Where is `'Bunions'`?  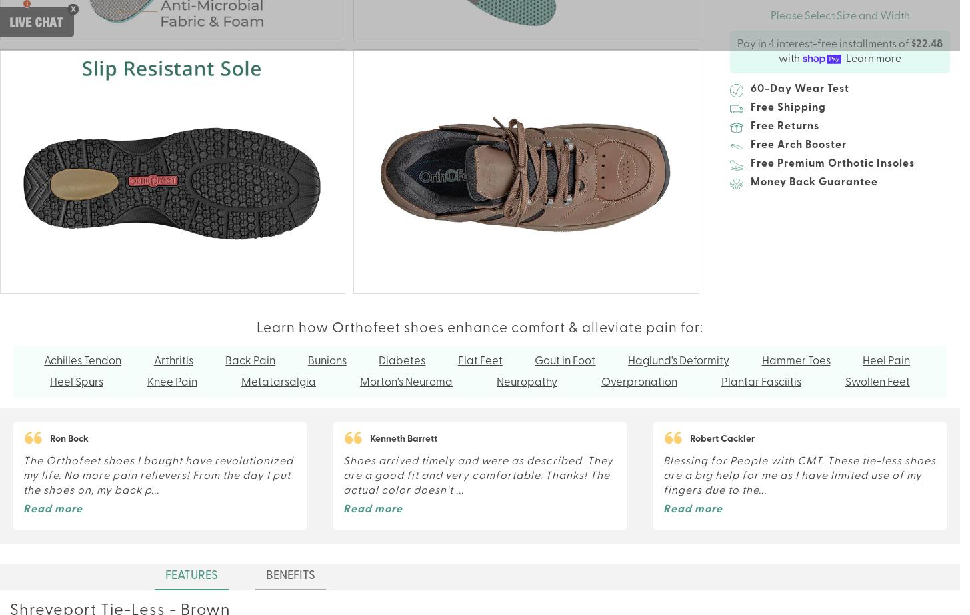 'Bunions' is located at coordinates (327, 360).